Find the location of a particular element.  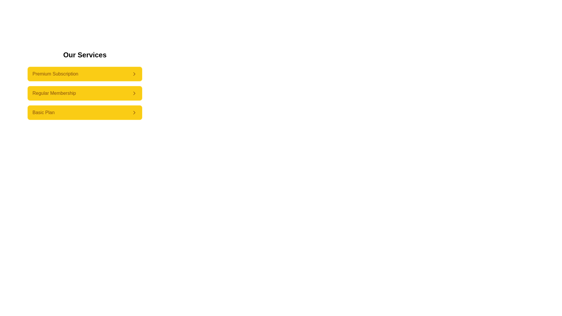

the chevron icon located at the far right side of the 'Premium Subscription' button to trigger its tooltip or hover effect is located at coordinates (134, 74).